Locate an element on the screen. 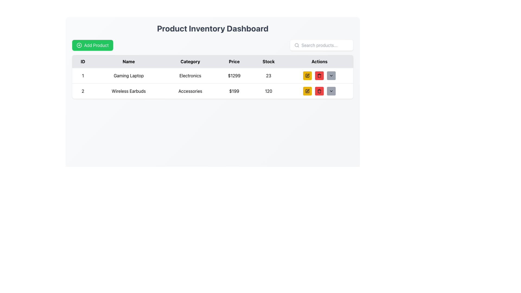 This screenshot has width=521, height=293. the edit icon button located in the second row under the 'Actions' column of the table to initiate the edit action is located at coordinates (308, 90).